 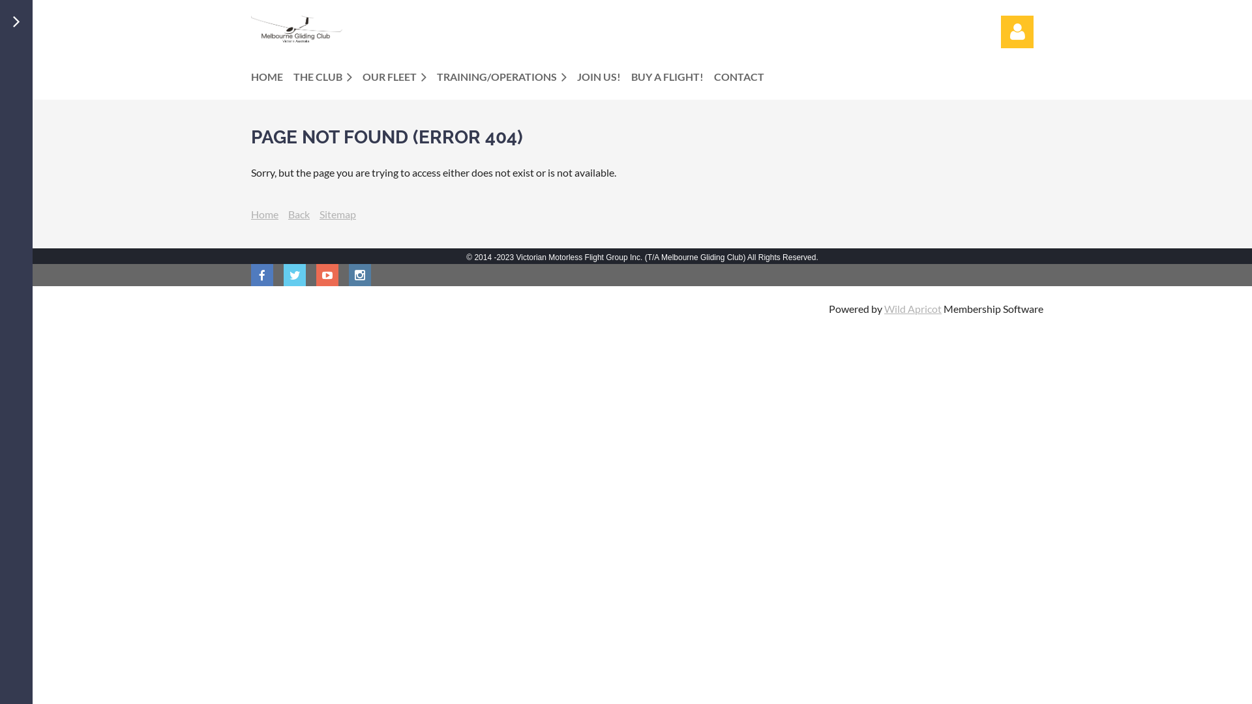 What do you see at coordinates (603, 76) in the screenshot?
I see `'JOIN US!'` at bounding box center [603, 76].